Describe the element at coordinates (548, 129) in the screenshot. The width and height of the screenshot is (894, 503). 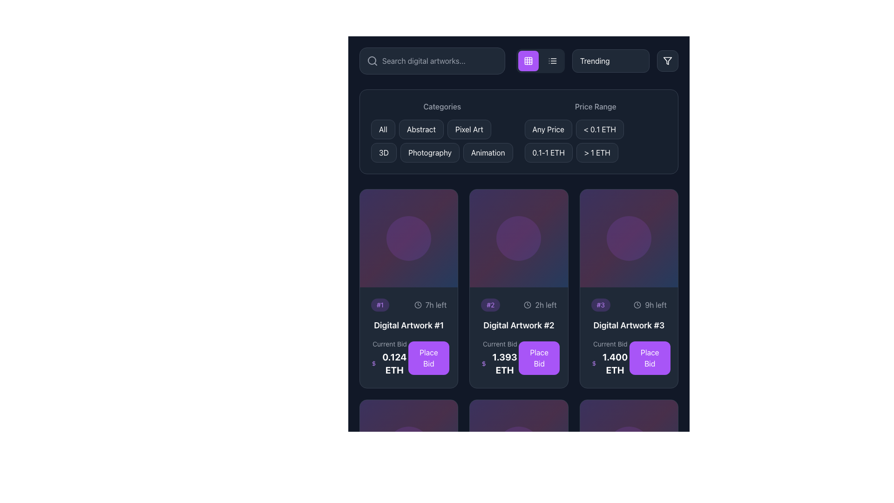
I see `the filter button in the 'Price Range' section` at that location.